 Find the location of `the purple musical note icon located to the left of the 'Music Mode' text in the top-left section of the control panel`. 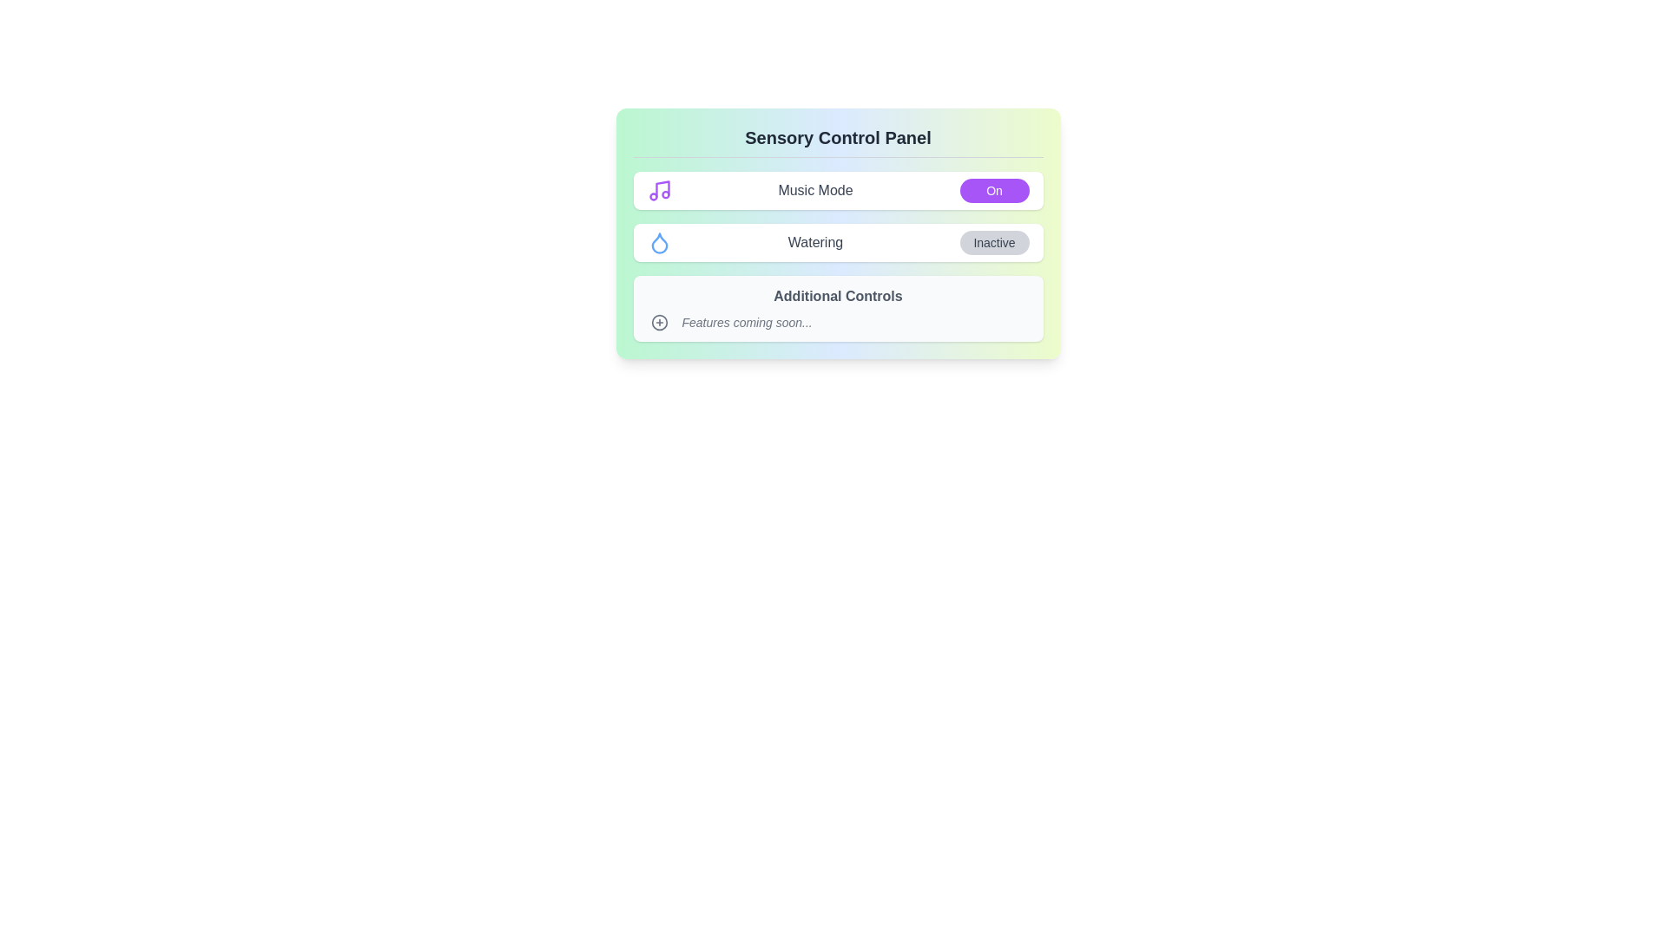

the purple musical note icon located to the left of the 'Music Mode' text in the top-left section of the control panel is located at coordinates (658, 190).